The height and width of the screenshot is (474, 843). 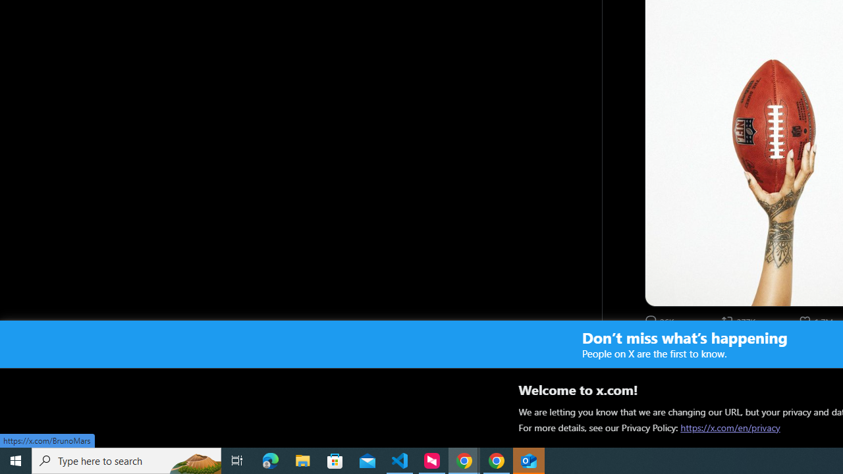 I want to click on '26148 Replies. Reply', so click(x=661, y=321).